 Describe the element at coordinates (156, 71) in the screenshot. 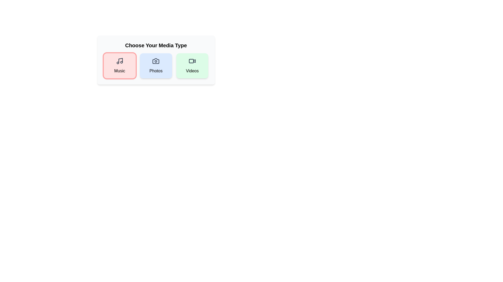

I see `the 'Photos' label, which is a medium-sized text label centered horizontally beneath a camera icon in a rounded rectangular card, positioned in the center of a three-card layout` at that location.